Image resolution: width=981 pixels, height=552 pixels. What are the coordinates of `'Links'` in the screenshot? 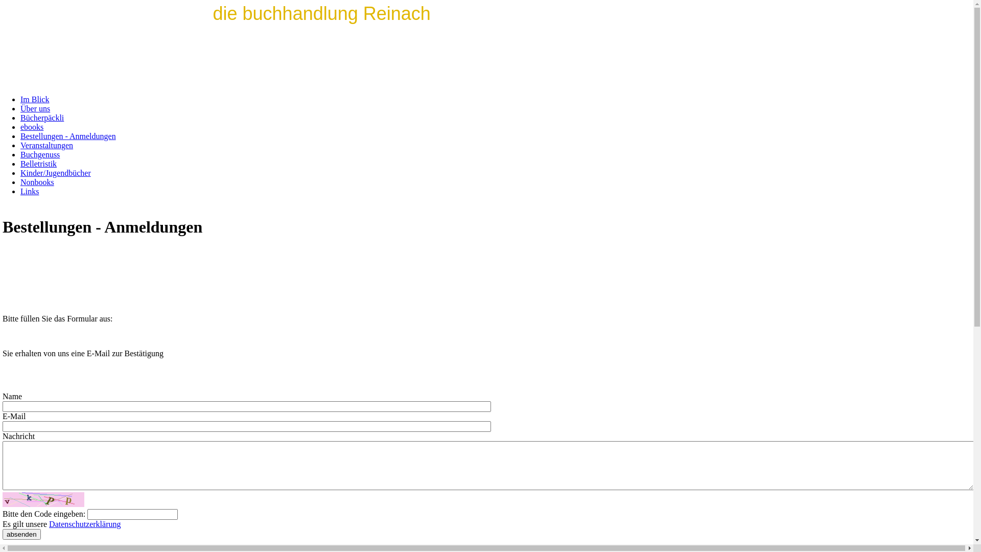 It's located at (29, 191).